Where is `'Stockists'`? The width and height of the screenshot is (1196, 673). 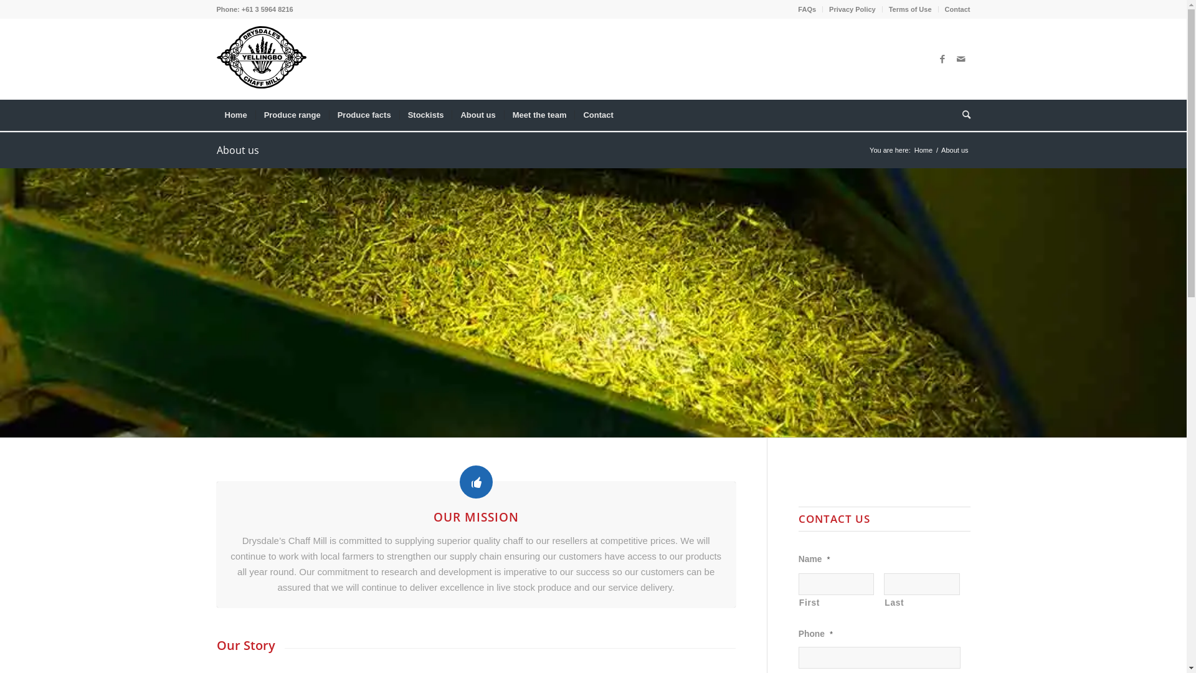
'Stockists' is located at coordinates (425, 115).